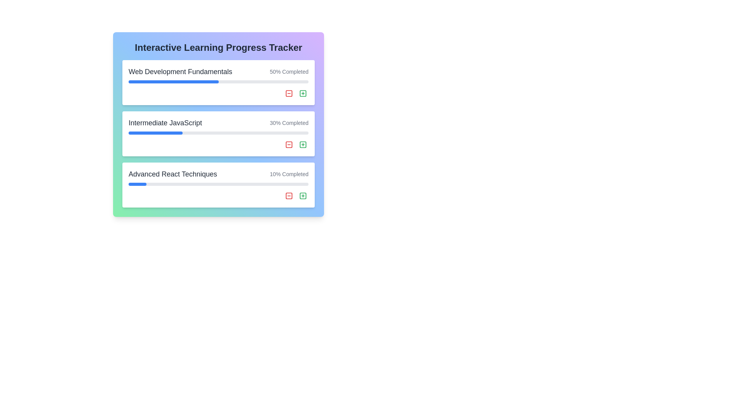 Image resolution: width=746 pixels, height=419 pixels. Describe the element at coordinates (289, 145) in the screenshot. I see `the red minus button located to the right of the progress bar indicating '30% Completed' in the 'Intermediate JavaScript' section` at that location.